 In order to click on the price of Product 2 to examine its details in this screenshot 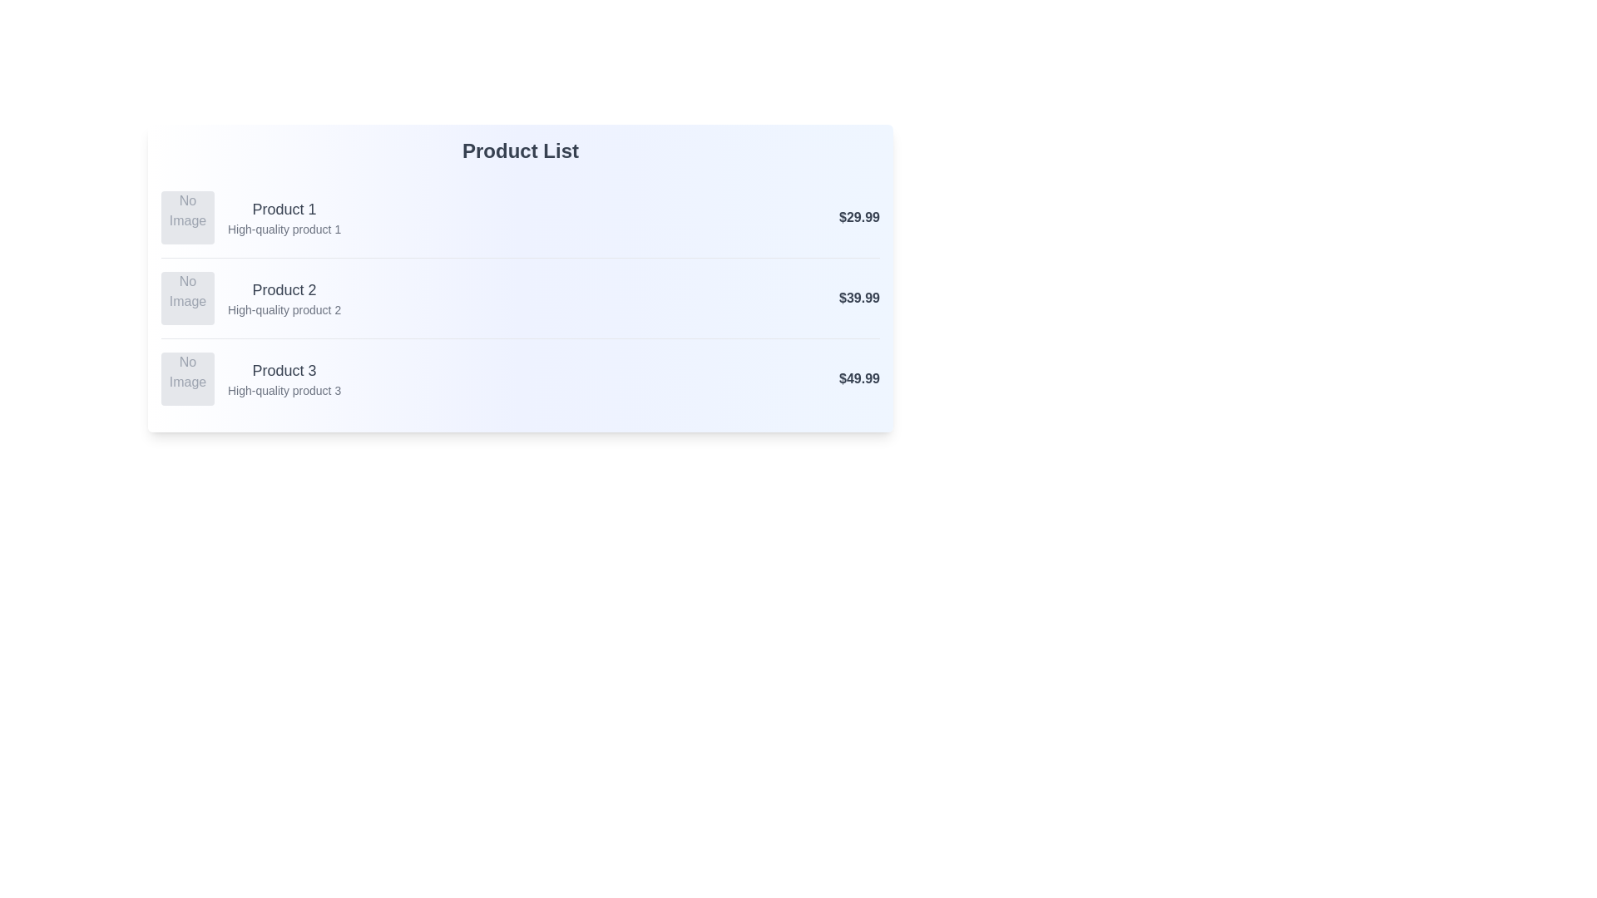, I will do `click(859, 297)`.